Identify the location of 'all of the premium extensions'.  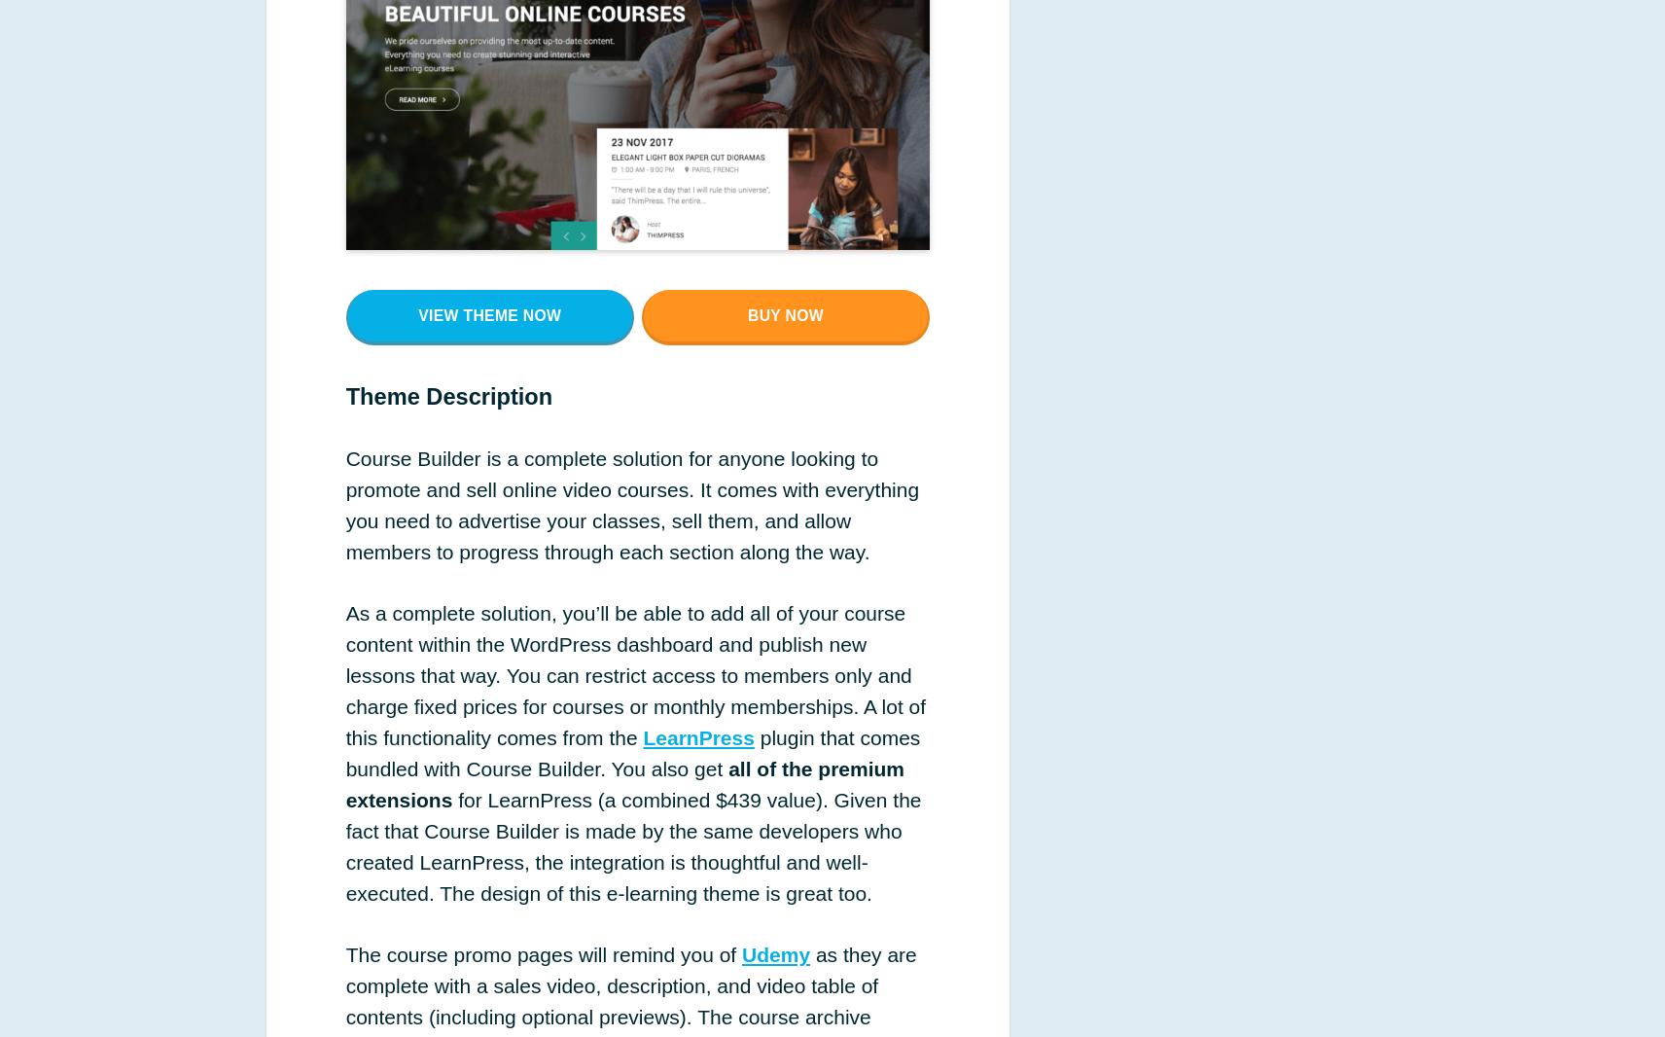
(623, 783).